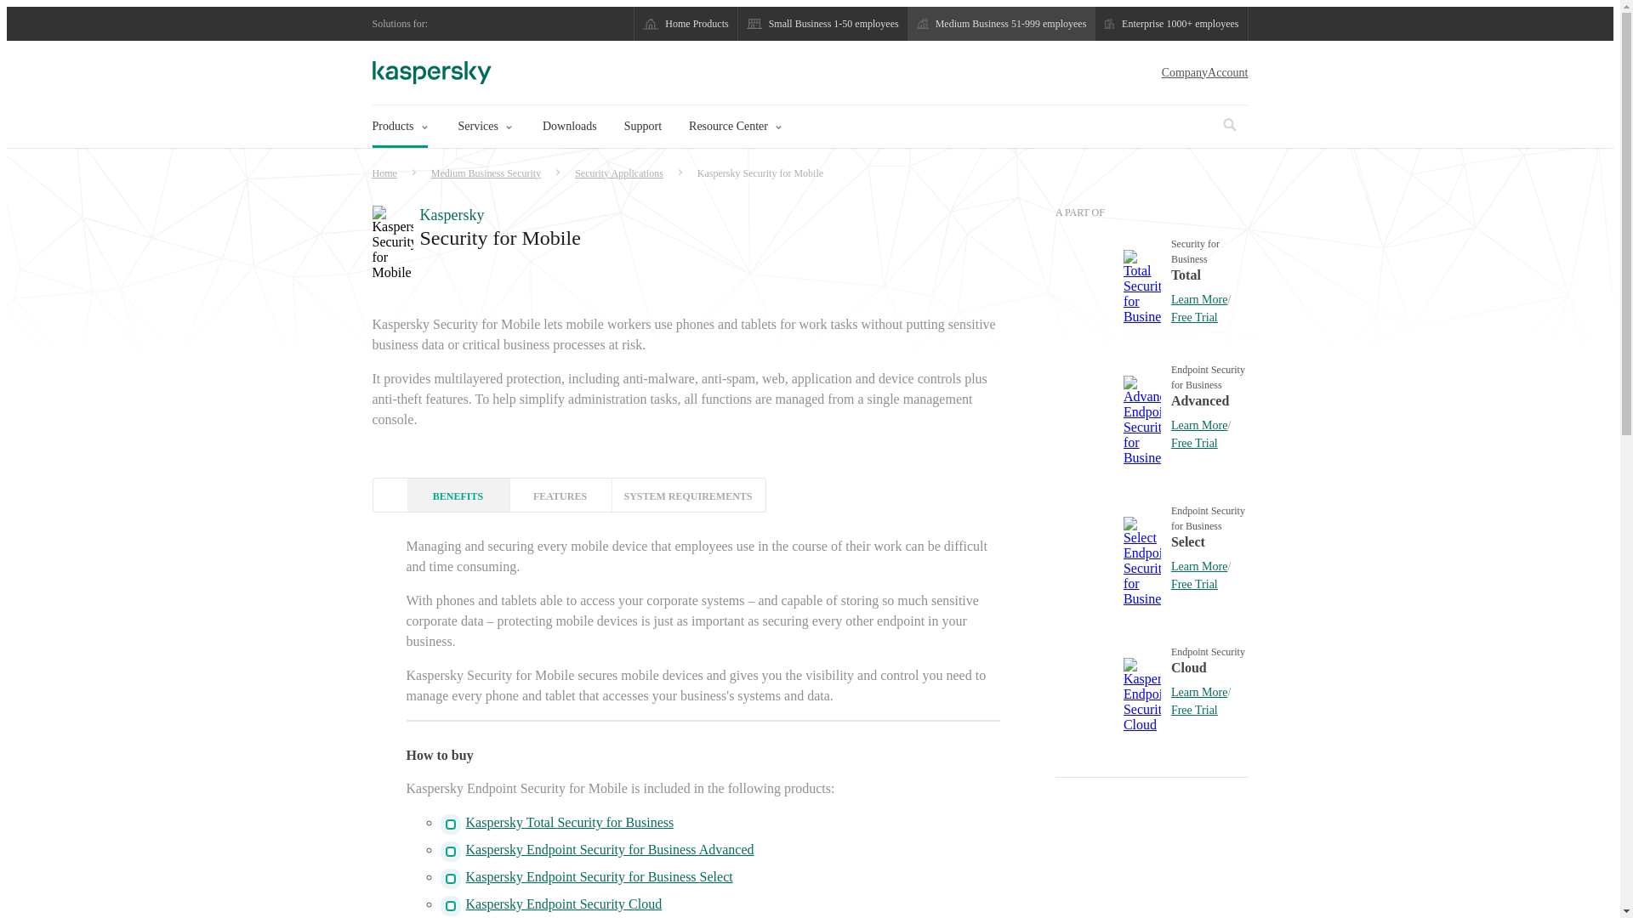  Describe the element at coordinates (641, 126) in the screenshot. I see `'Support'` at that location.